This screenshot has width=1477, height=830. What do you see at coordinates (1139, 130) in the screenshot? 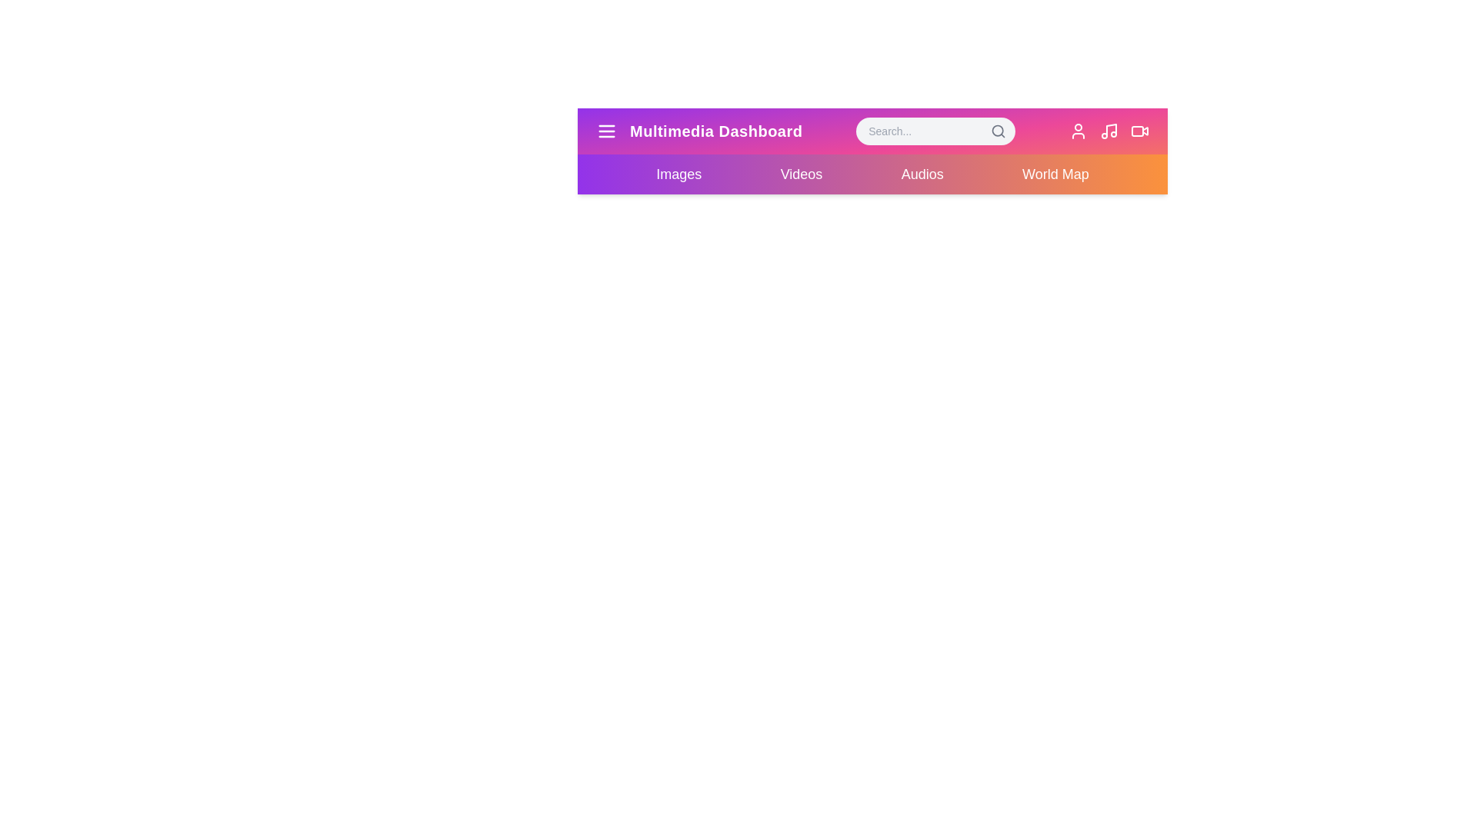
I see `the element Video icon to reveal its hover effect` at bounding box center [1139, 130].